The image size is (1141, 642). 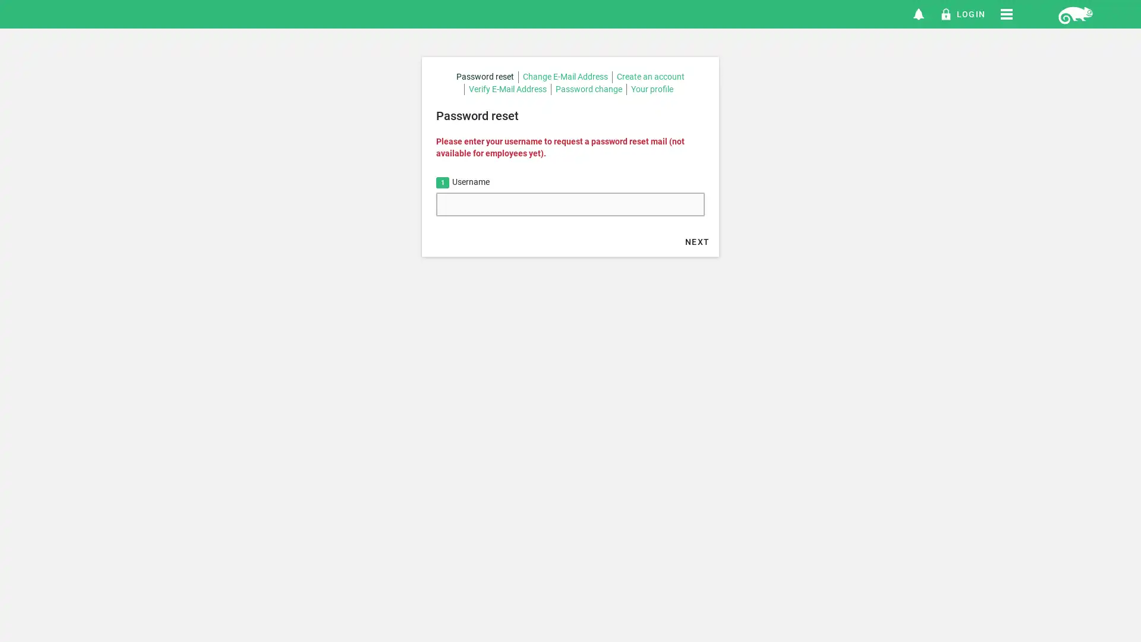 What do you see at coordinates (697, 241) in the screenshot?
I see `NEXT` at bounding box center [697, 241].